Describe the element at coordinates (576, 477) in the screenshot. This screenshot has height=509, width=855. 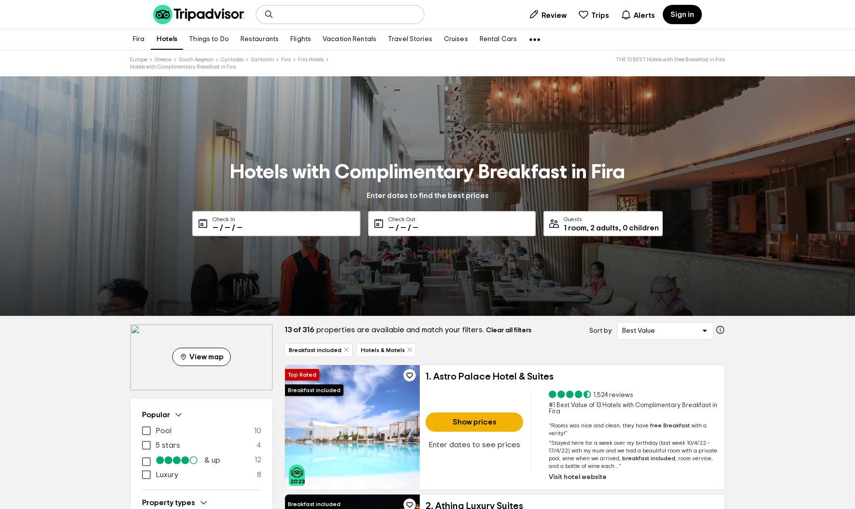
I see `'Visit hotel website'` at that location.